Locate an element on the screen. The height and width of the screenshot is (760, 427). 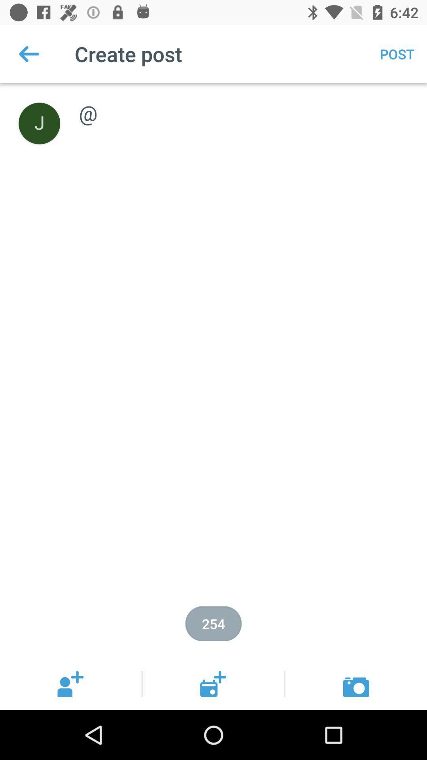
the icon next to create post icon is located at coordinates (28, 53).